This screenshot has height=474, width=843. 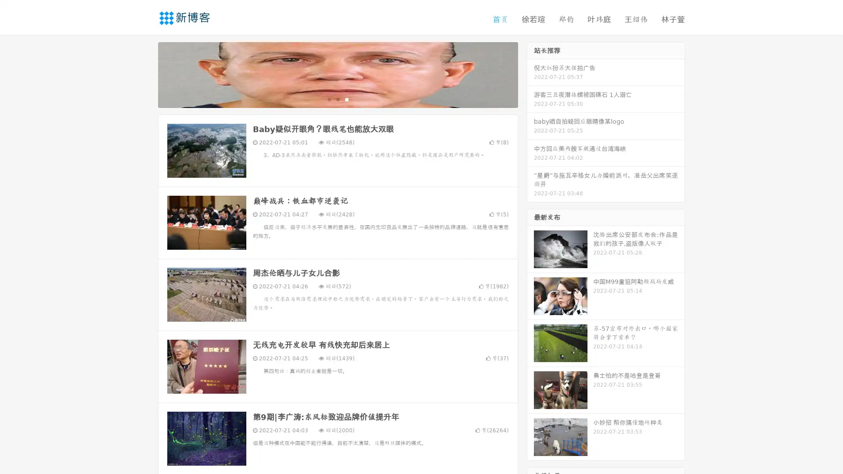 I want to click on Previous slide, so click(x=145, y=74).